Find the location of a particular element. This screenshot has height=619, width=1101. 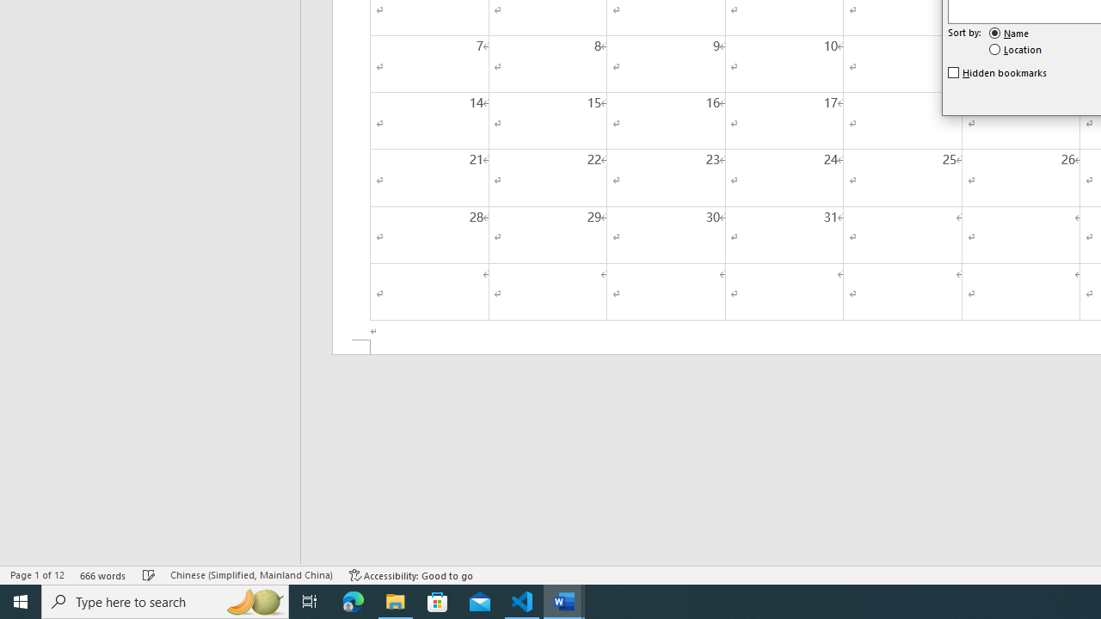

'Location' is located at coordinates (1016, 48).